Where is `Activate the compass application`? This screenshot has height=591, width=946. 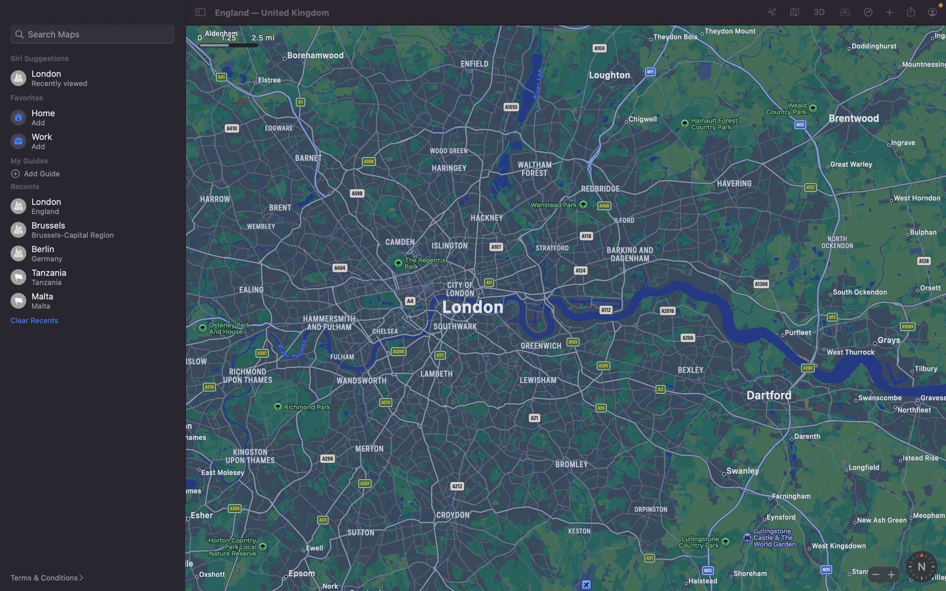 Activate the compass application is located at coordinates (921, 566).